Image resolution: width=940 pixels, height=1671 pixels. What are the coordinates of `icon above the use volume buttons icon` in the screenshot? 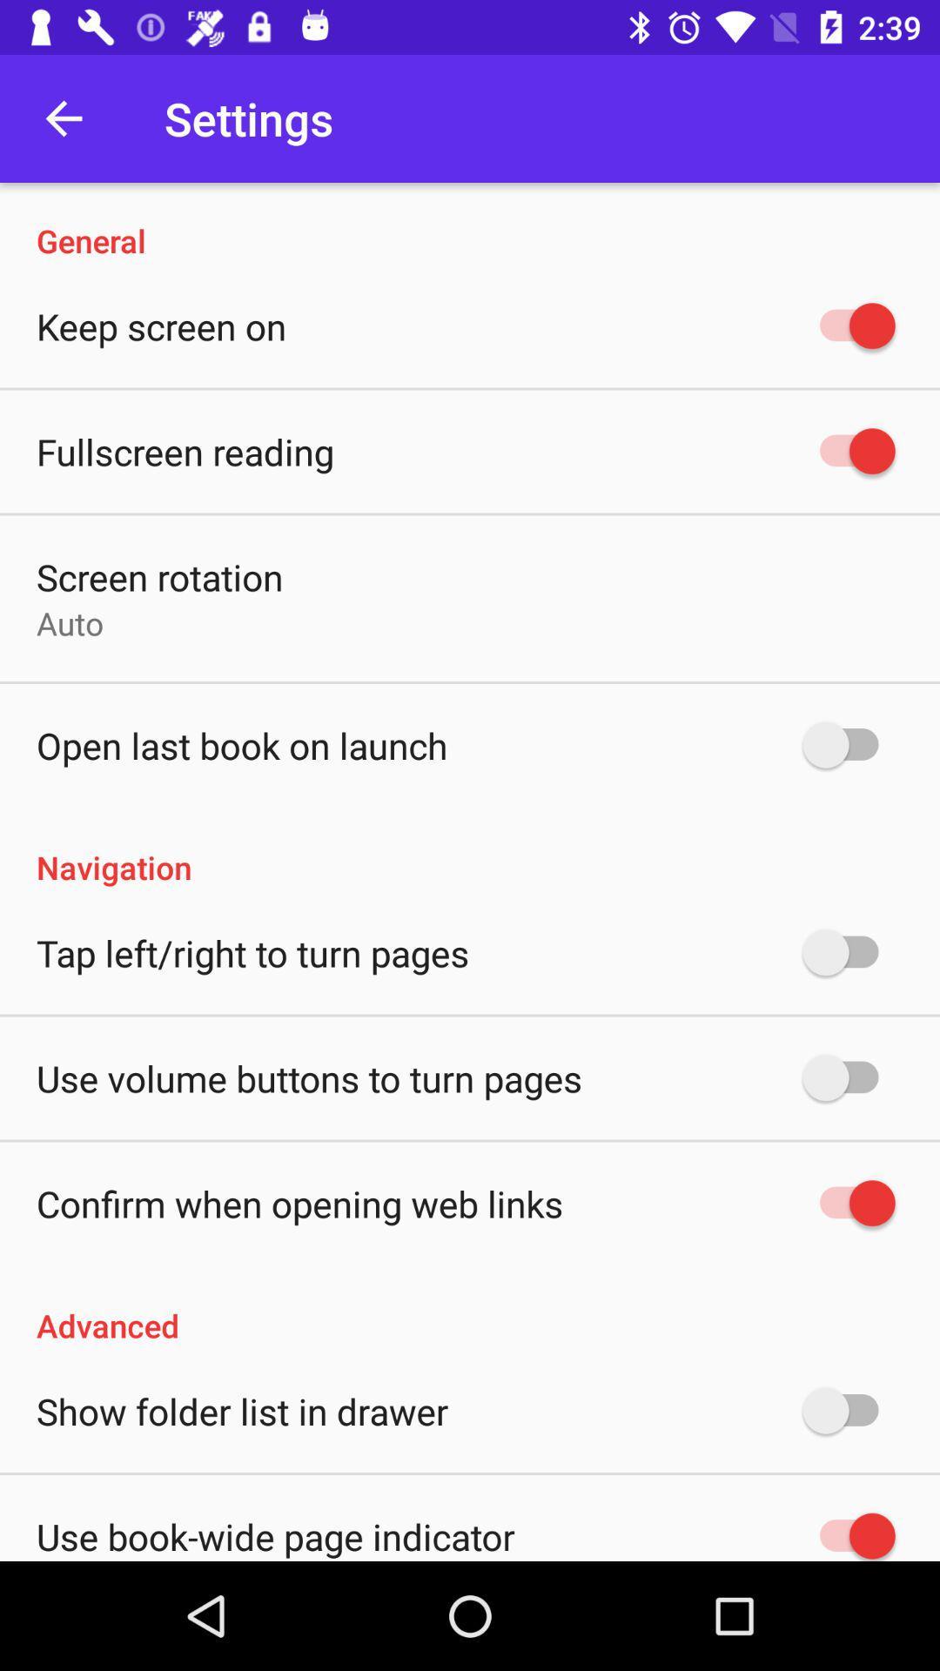 It's located at (252, 951).